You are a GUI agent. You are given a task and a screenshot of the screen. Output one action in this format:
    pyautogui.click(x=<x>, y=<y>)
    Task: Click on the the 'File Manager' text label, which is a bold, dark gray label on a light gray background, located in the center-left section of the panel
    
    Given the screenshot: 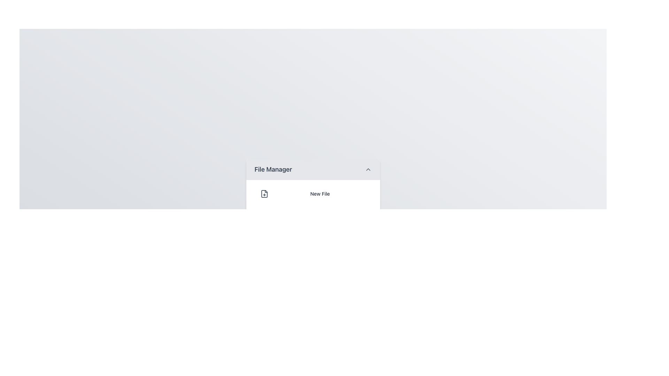 What is the action you would take?
    pyautogui.click(x=273, y=169)
    